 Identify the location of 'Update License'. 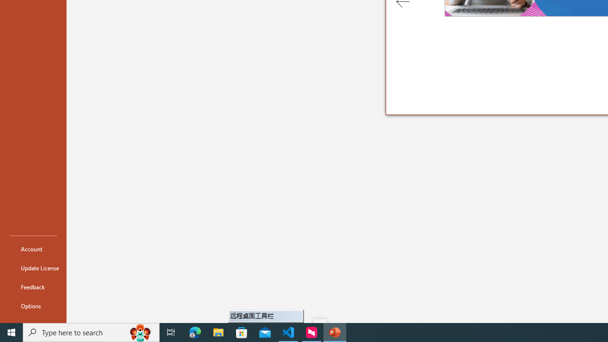
(33, 268).